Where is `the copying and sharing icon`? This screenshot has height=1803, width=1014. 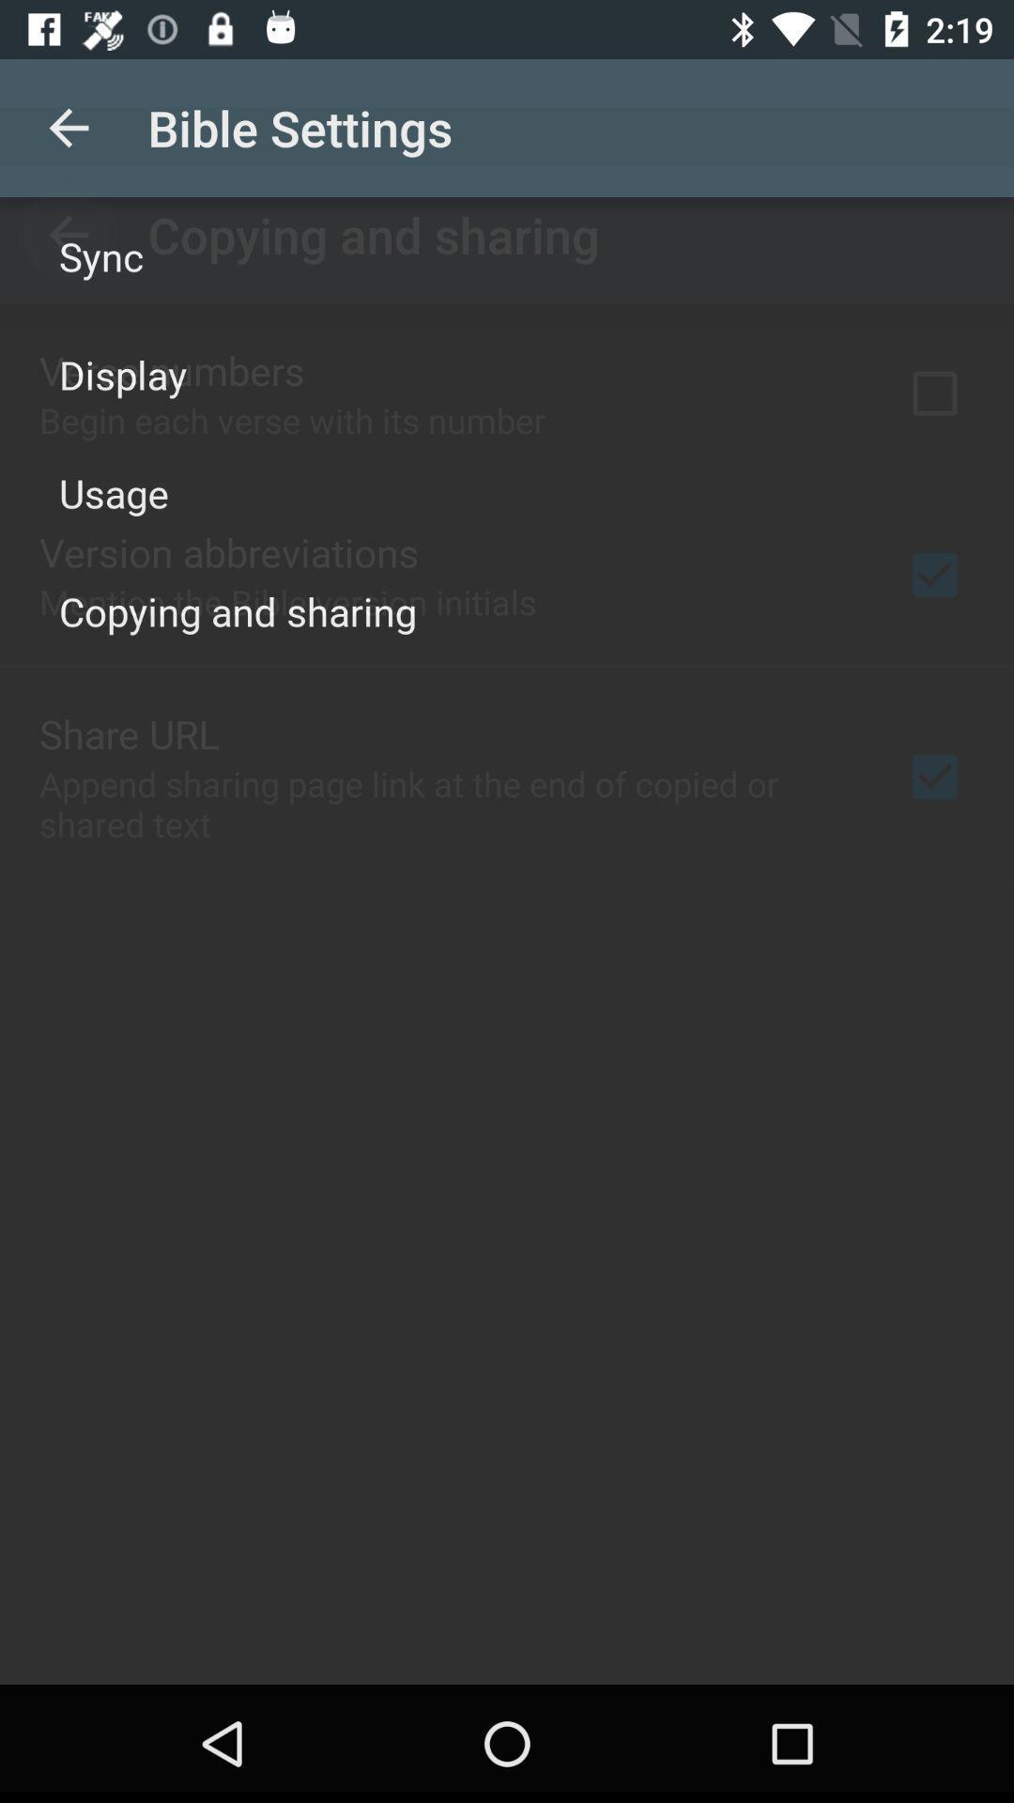 the copying and sharing icon is located at coordinates (237, 611).